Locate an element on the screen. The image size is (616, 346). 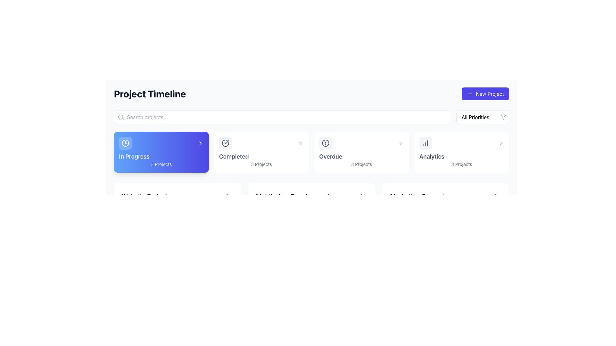
the circular checkmark icon located in the second card from the left under the 'Project Timeline' section is located at coordinates (225, 143).